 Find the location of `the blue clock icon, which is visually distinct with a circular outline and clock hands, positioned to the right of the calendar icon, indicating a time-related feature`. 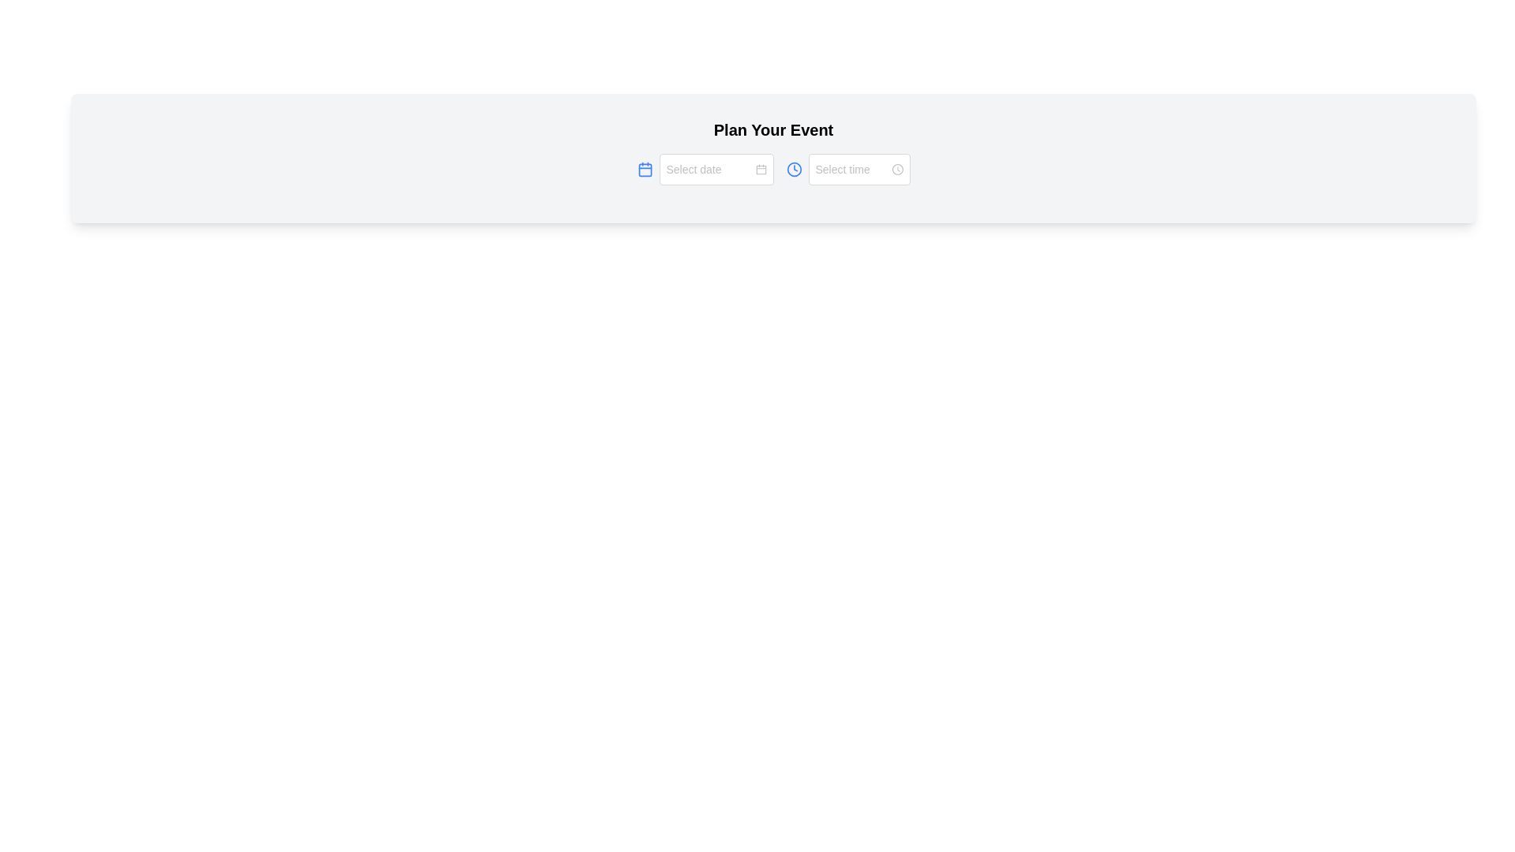

the blue clock icon, which is visually distinct with a circular outline and clock hands, positioned to the right of the calendar icon, indicating a time-related feature is located at coordinates (794, 170).